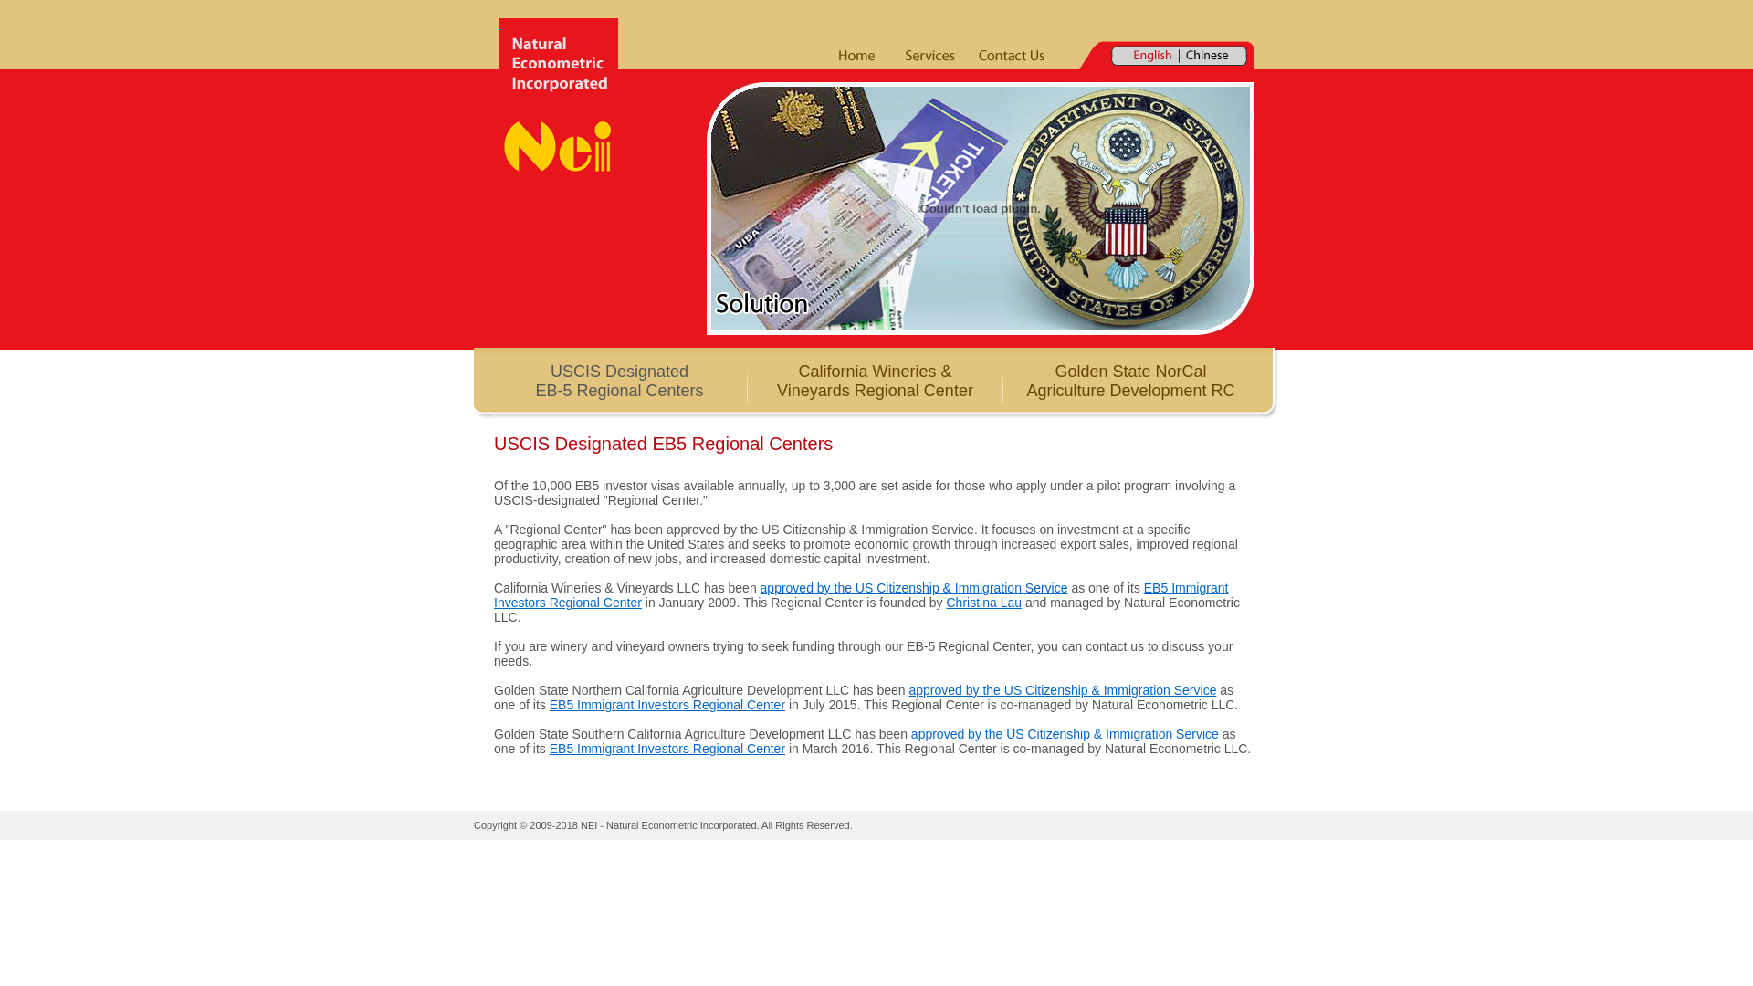 This screenshot has height=986, width=1753. I want to click on 'approved by the US Citizenship & Immigration Service', so click(914, 588).